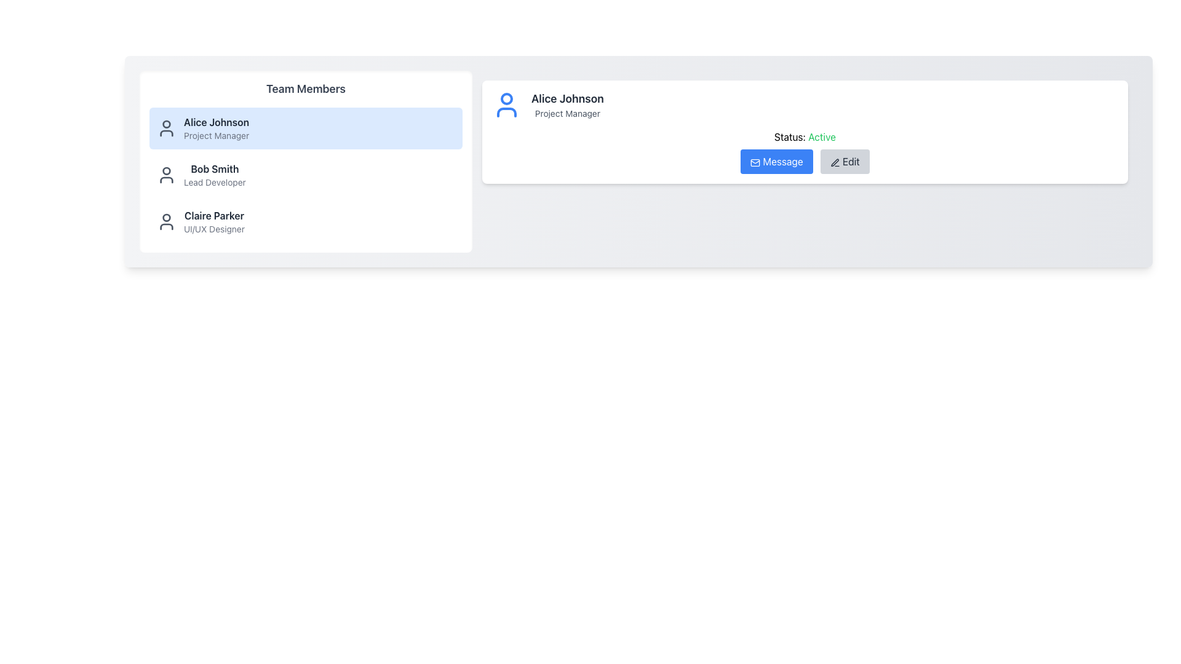 This screenshot has width=1181, height=664. I want to click on the 'Message' button icon, which is located in the right section of the interface and indicates functionality for sending messages, positioned to the left of the 'Edit' button, so click(755, 162).